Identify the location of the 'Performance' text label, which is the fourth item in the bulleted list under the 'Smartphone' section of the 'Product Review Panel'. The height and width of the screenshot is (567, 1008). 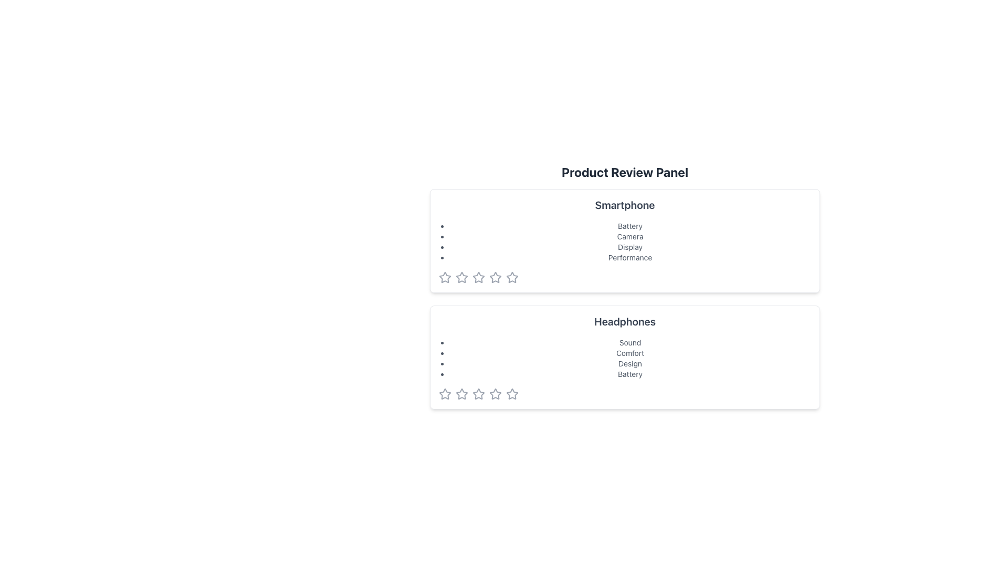
(630, 257).